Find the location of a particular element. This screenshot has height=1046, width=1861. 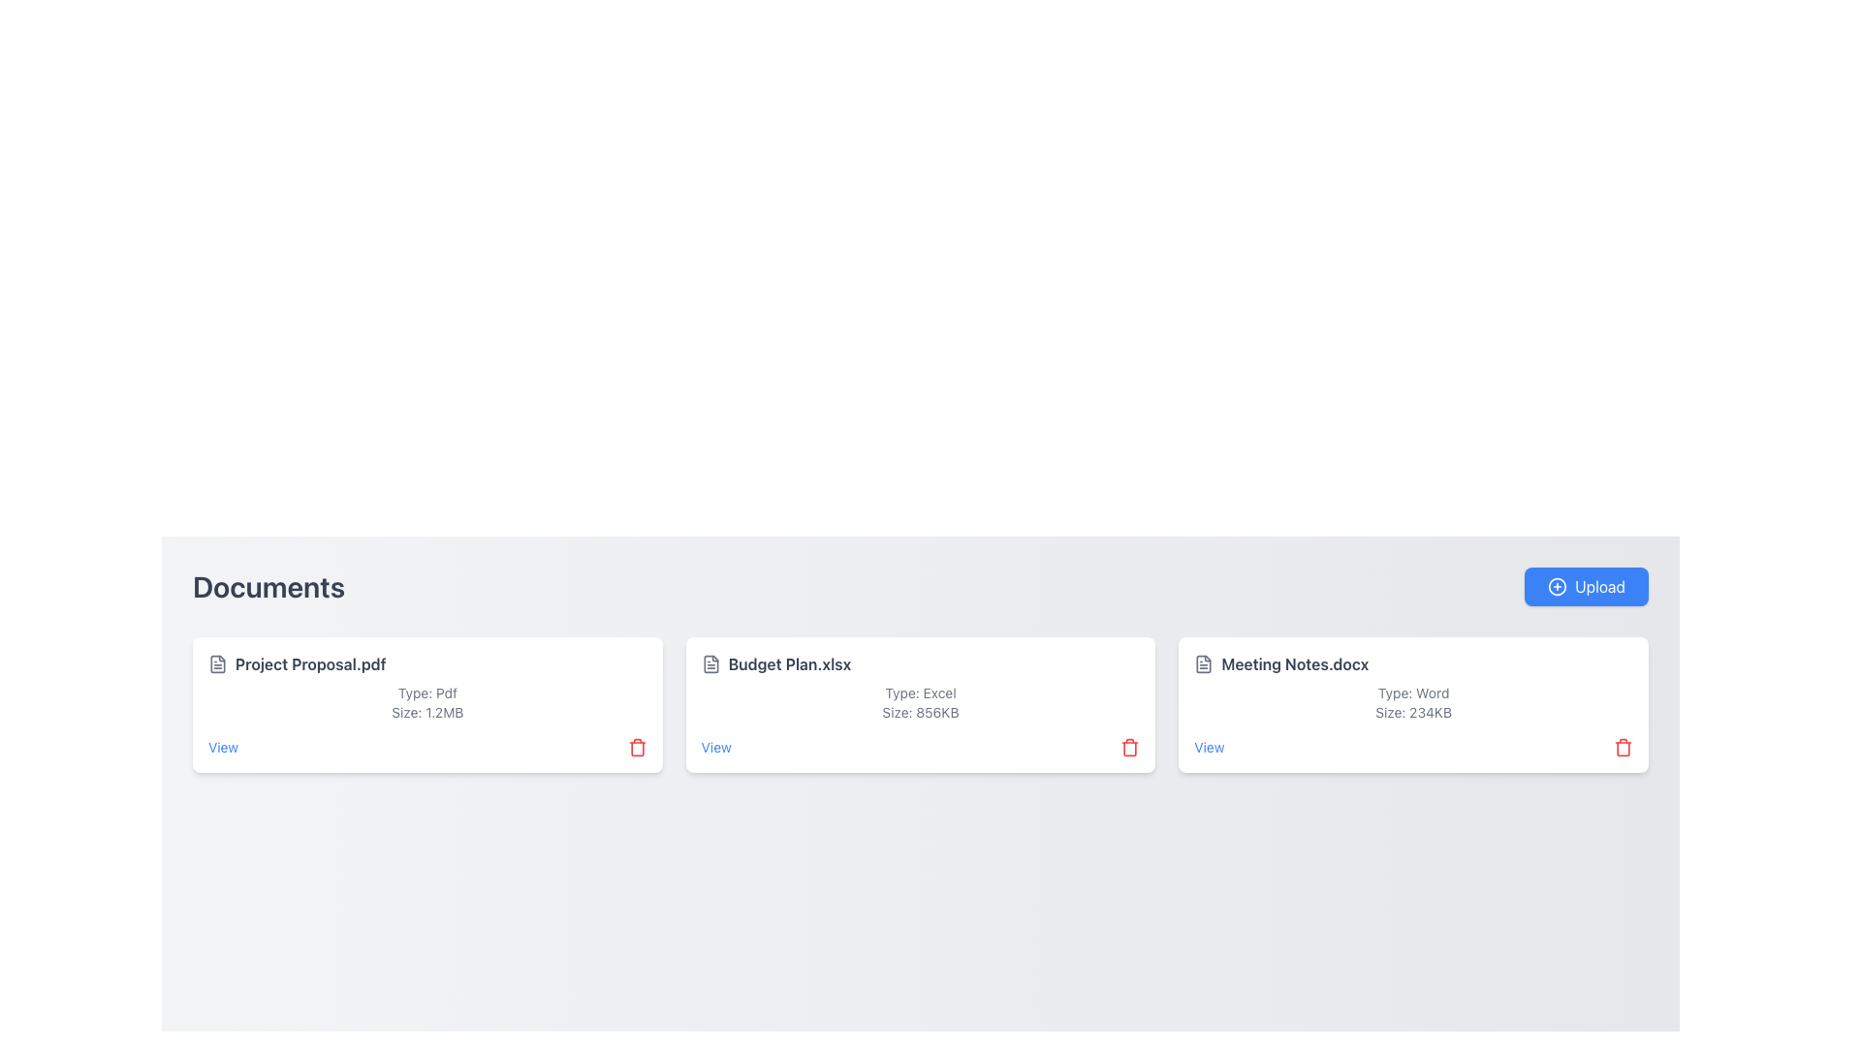

the static text element displaying the file size 'Size: 856KB', which is styled in a small gray font and located beneath 'Type: Excel' in the second file card is located at coordinates (920, 713).